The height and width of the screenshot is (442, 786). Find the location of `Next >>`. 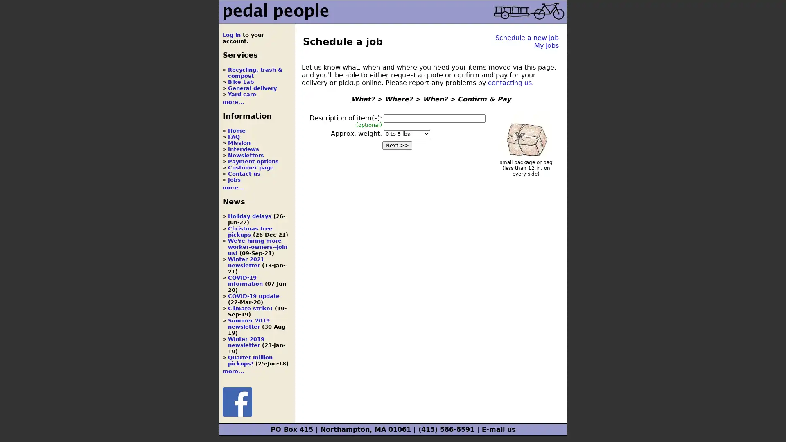

Next >> is located at coordinates (397, 145).